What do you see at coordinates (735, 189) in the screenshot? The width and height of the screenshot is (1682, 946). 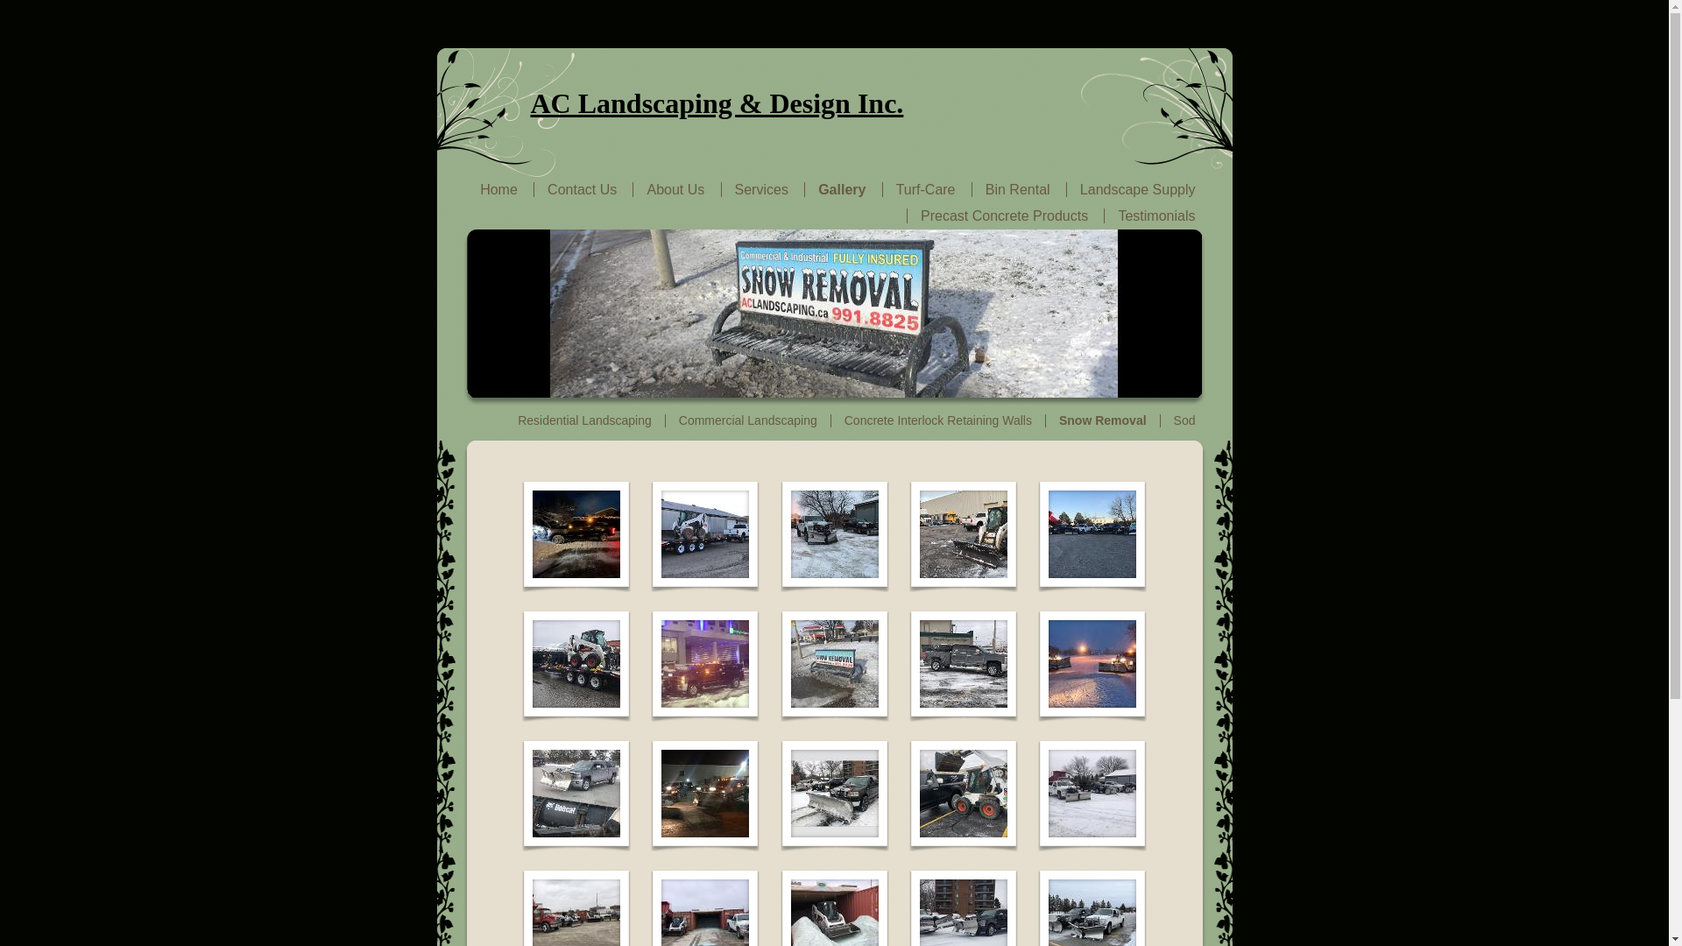 I see `'Services'` at bounding box center [735, 189].